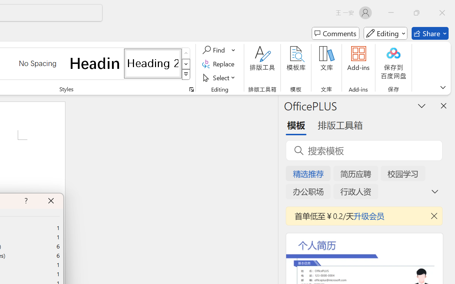 The image size is (455, 284). Describe the element at coordinates (385, 33) in the screenshot. I see `'Mode'` at that location.